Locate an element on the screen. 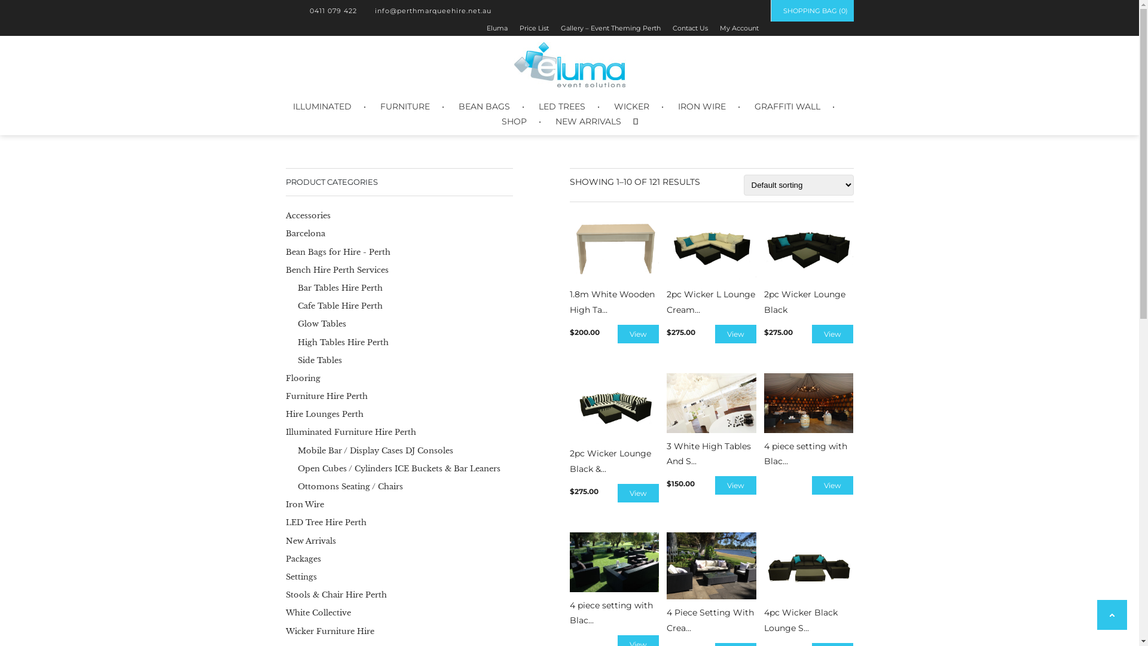  'Cafe Table Hire Perth' is located at coordinates (340, 305).